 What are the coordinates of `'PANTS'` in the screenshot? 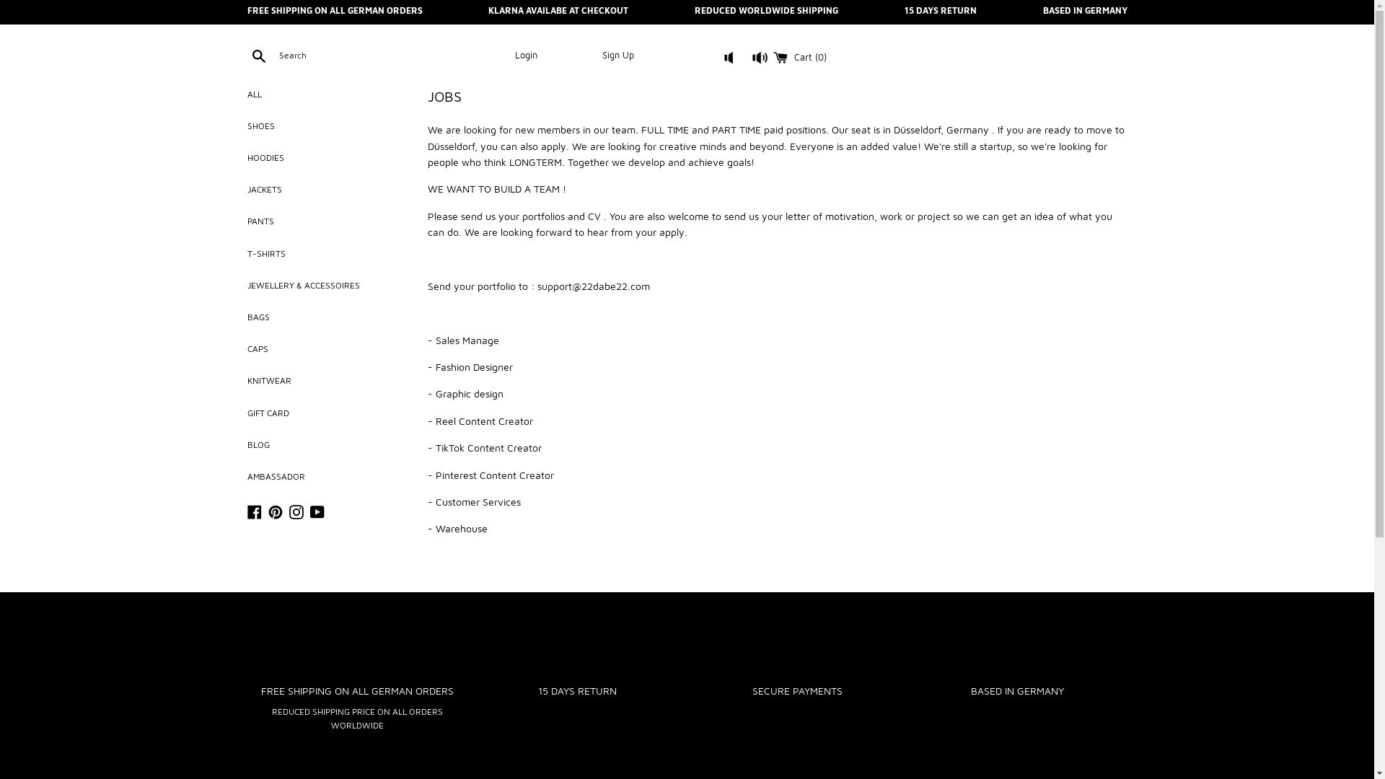 It's located at (325, 221).